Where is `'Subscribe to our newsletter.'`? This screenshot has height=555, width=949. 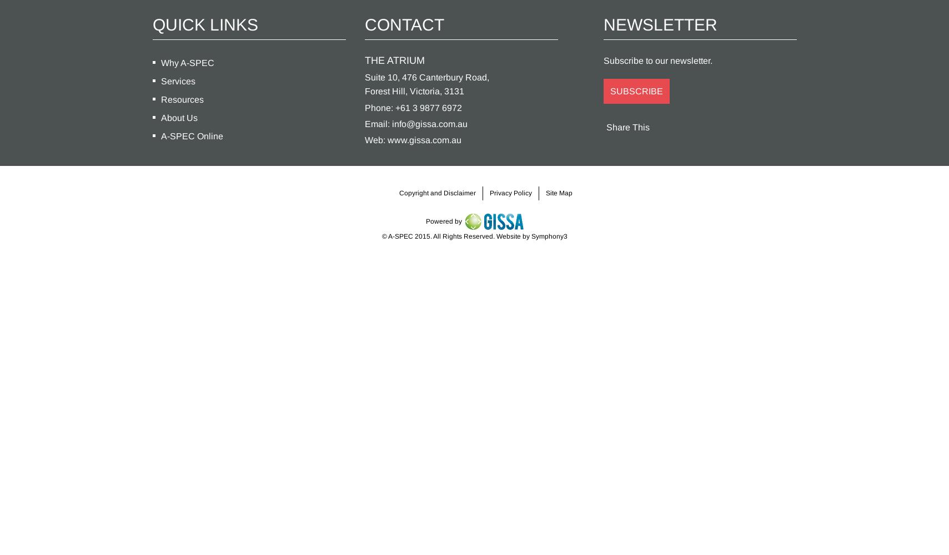
'Subscribe to our newsletter.' is located at coordinates (657, 59).